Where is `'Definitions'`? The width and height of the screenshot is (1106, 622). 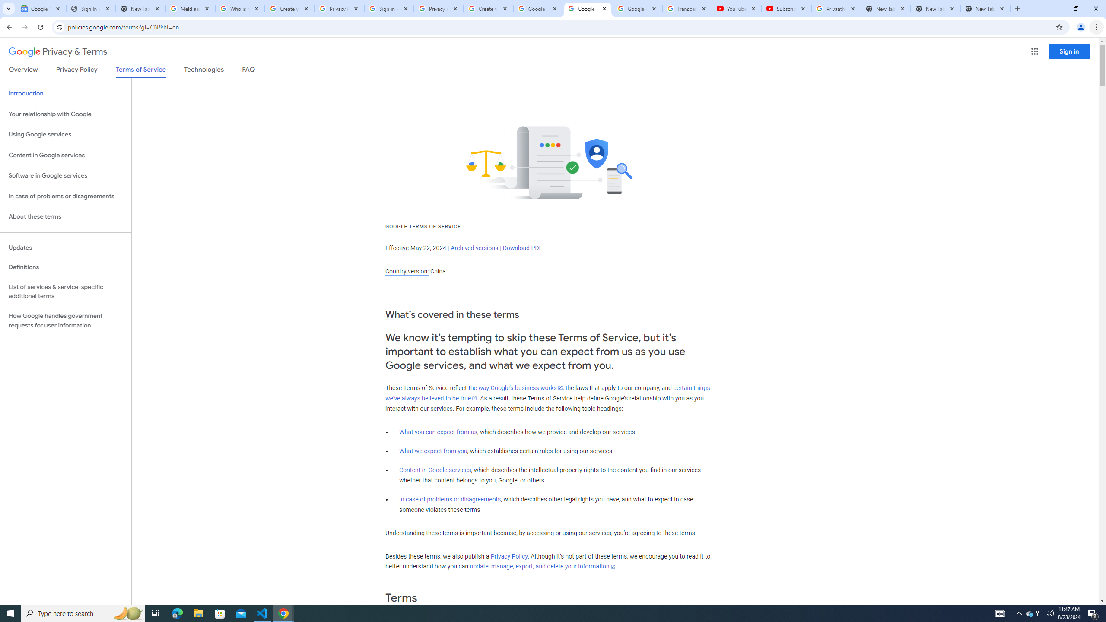
'Definitions' is located at coordinates (65, 267).